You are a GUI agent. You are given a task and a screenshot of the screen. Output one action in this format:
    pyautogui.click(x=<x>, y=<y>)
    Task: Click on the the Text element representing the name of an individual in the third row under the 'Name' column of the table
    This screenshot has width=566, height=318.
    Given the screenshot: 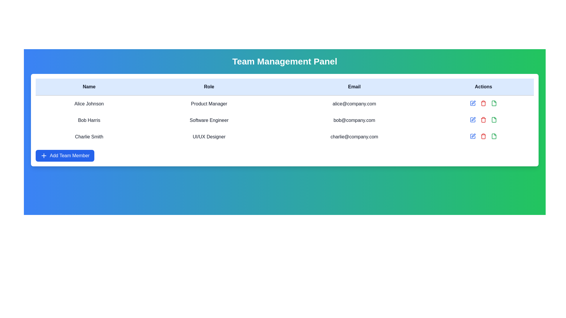 What is the action you would take?
    pyautogui.click(x=89, y=137)
    